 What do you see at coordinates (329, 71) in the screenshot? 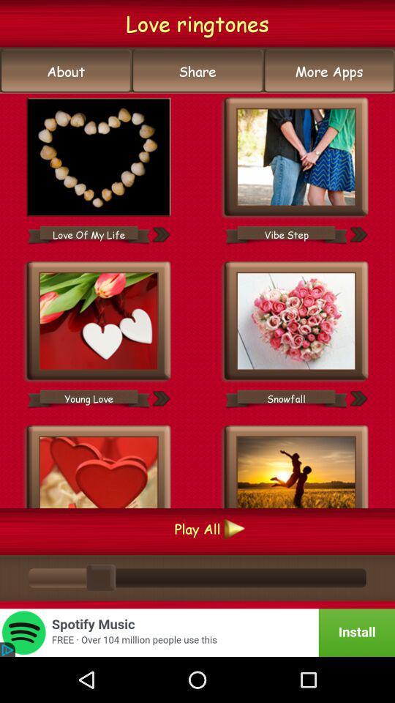
I see `the button next to the share item` at bounding box center [329, 71].